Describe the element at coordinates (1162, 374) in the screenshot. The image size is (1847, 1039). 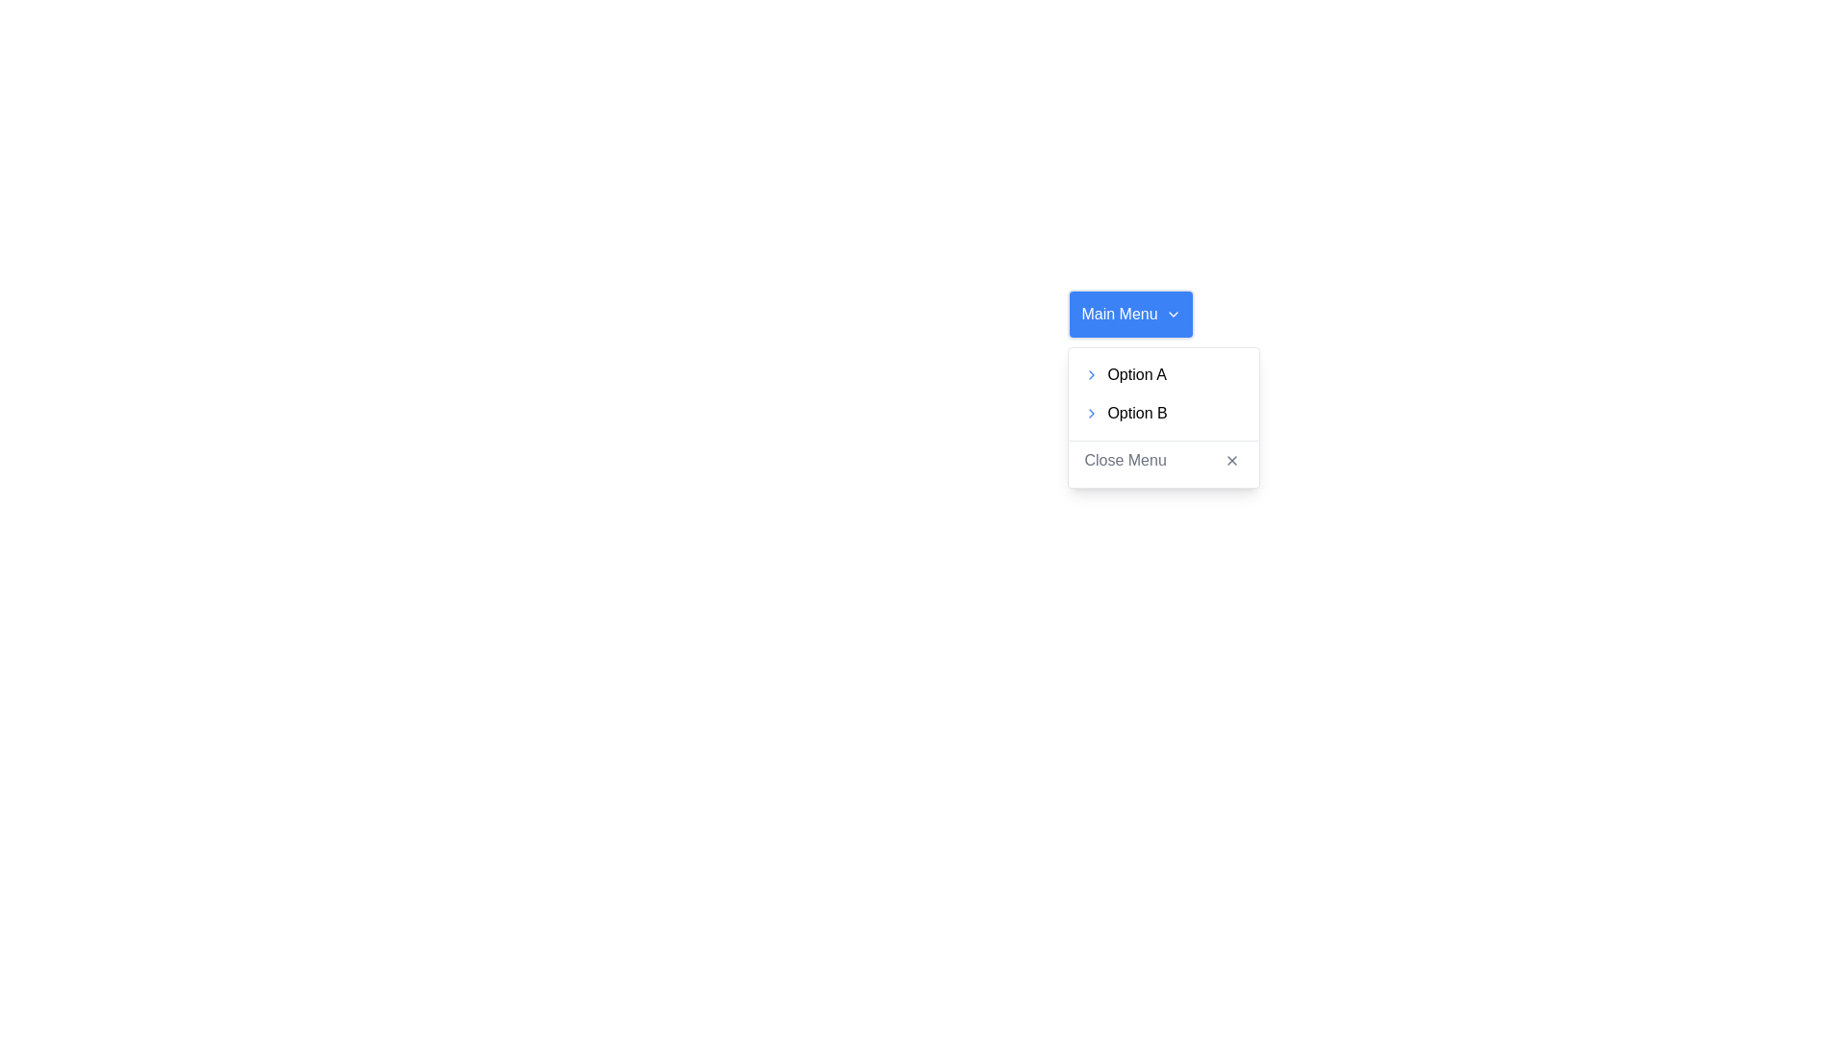
I see `the first selectable menu option that triggers navigation to 'Option A'` at that location.